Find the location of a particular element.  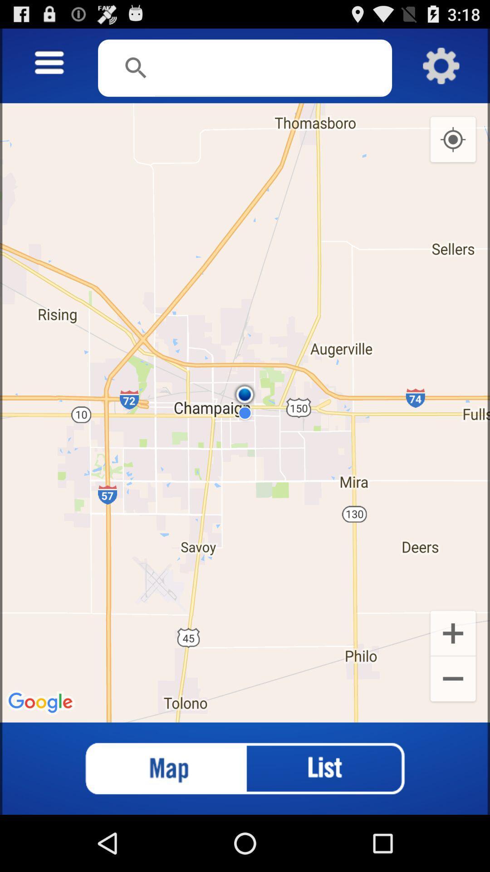

the settings icon is located at coordinates (441, 70).